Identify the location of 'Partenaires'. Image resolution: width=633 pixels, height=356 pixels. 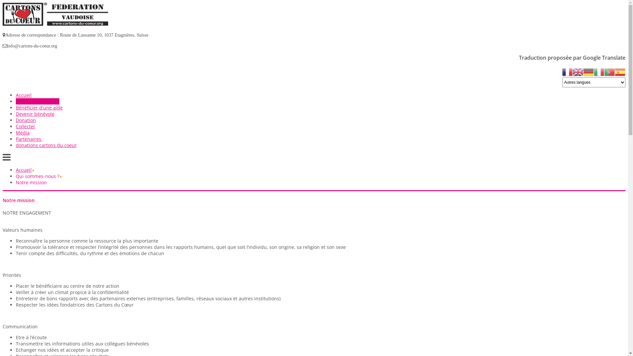
(29, 138).